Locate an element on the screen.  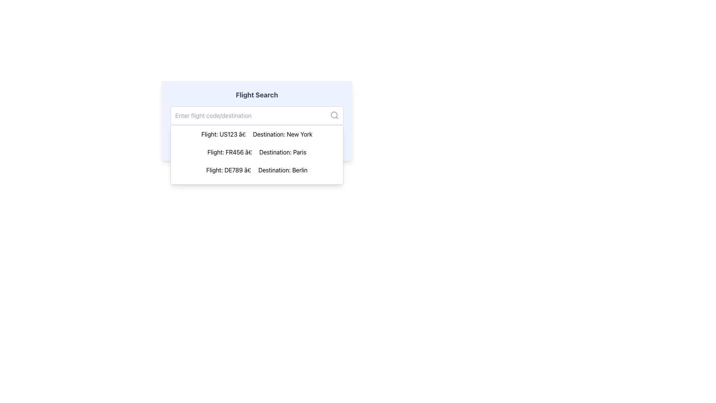
the magnifying glass icon located on the far right of the search bar widget to initiate the search is located at coordinates (334, 115).